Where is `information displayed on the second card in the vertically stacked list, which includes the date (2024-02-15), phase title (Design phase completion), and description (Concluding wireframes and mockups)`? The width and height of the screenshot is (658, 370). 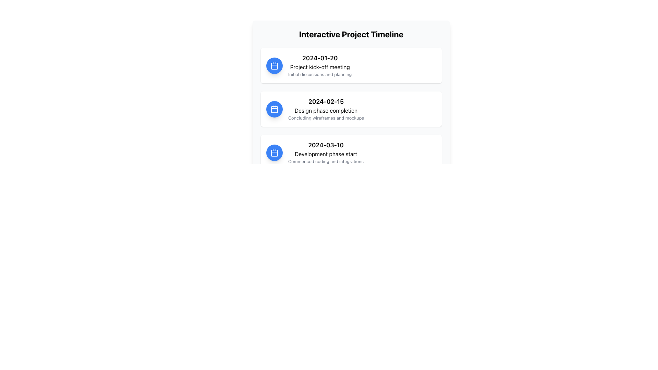 information displayed on the second card in the vertically stacked list, which includes the date (2024-02-15), phase title (Design phase completion), and description (Concluding wireframes and mockups) is located at coordinates (351, 108).